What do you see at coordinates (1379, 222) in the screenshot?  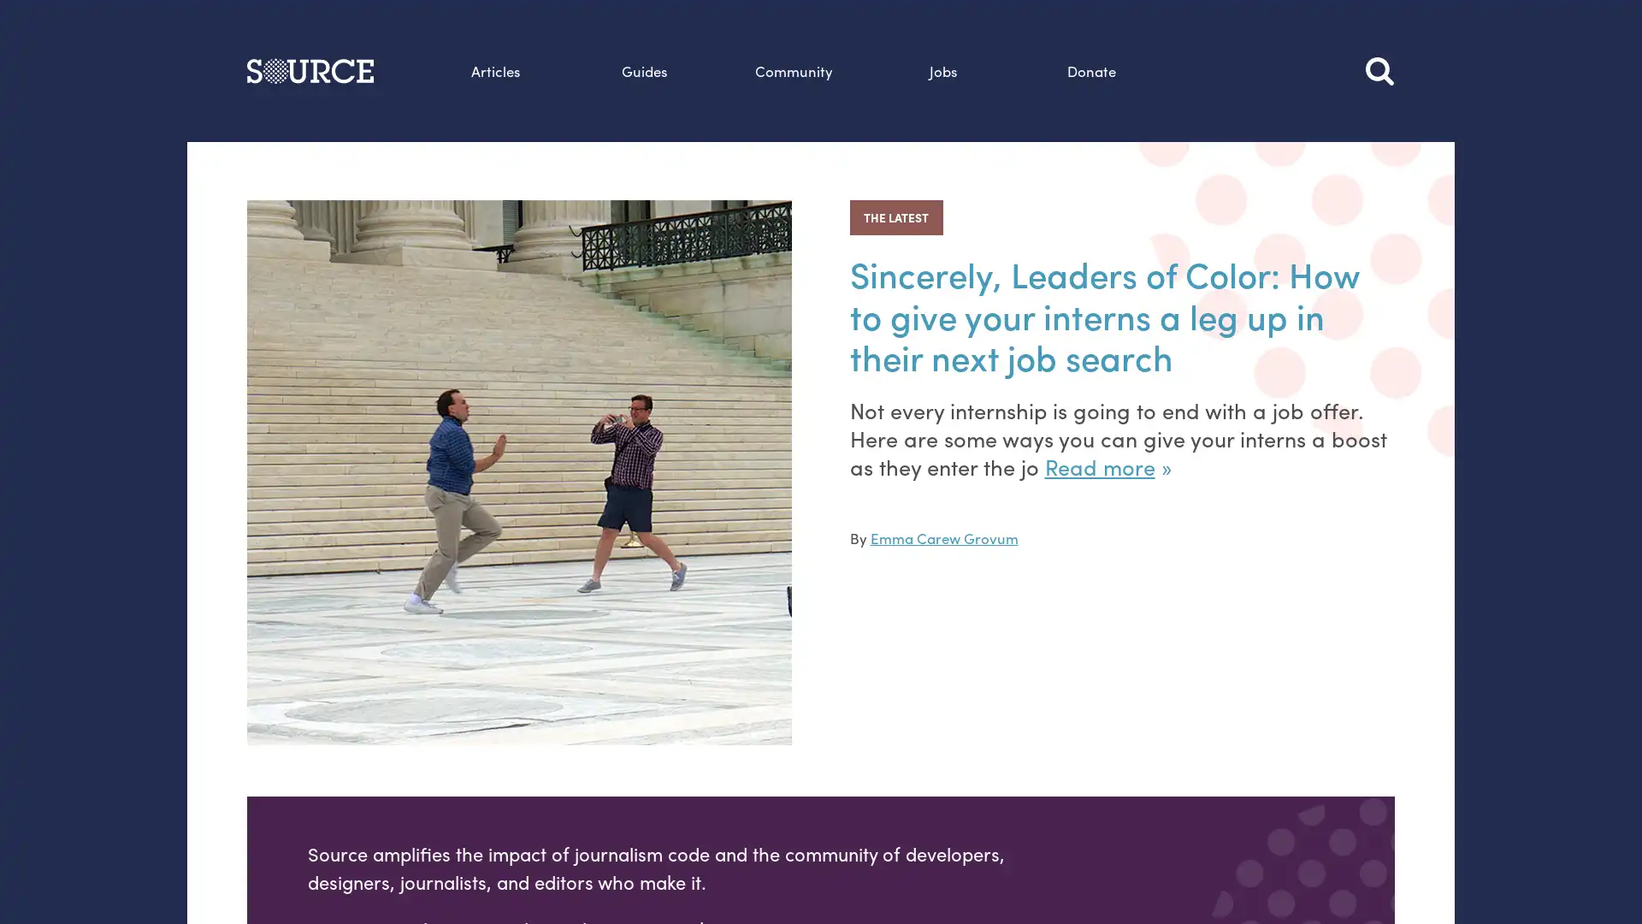 I see `Search` at bounding box center [1379, 222].